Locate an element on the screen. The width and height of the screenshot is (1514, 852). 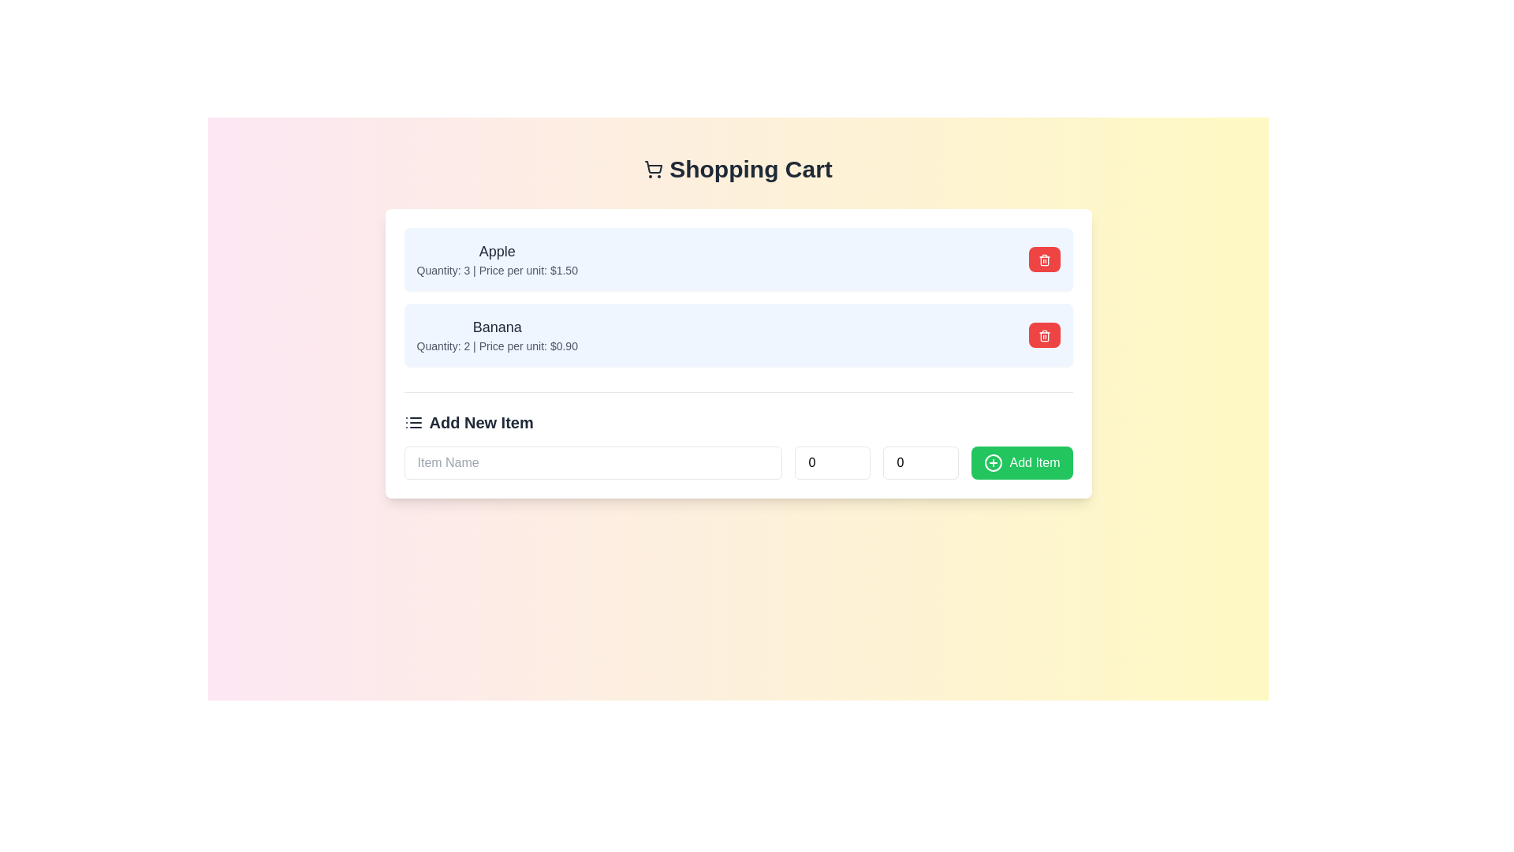
the shopping cart icon, which is a thin outlined icon with a rectangular body, handle, and two wheels, located to the left of the 'Shopping Cart' text in the upper section of the interface is located at coordinates (654, 170).